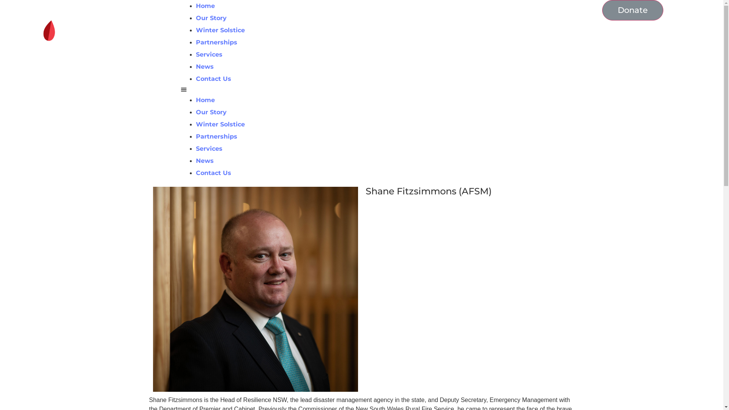  Describe the element at coordinates (216, 42) in the screenshot. I see `'Partnerships'` at that location.